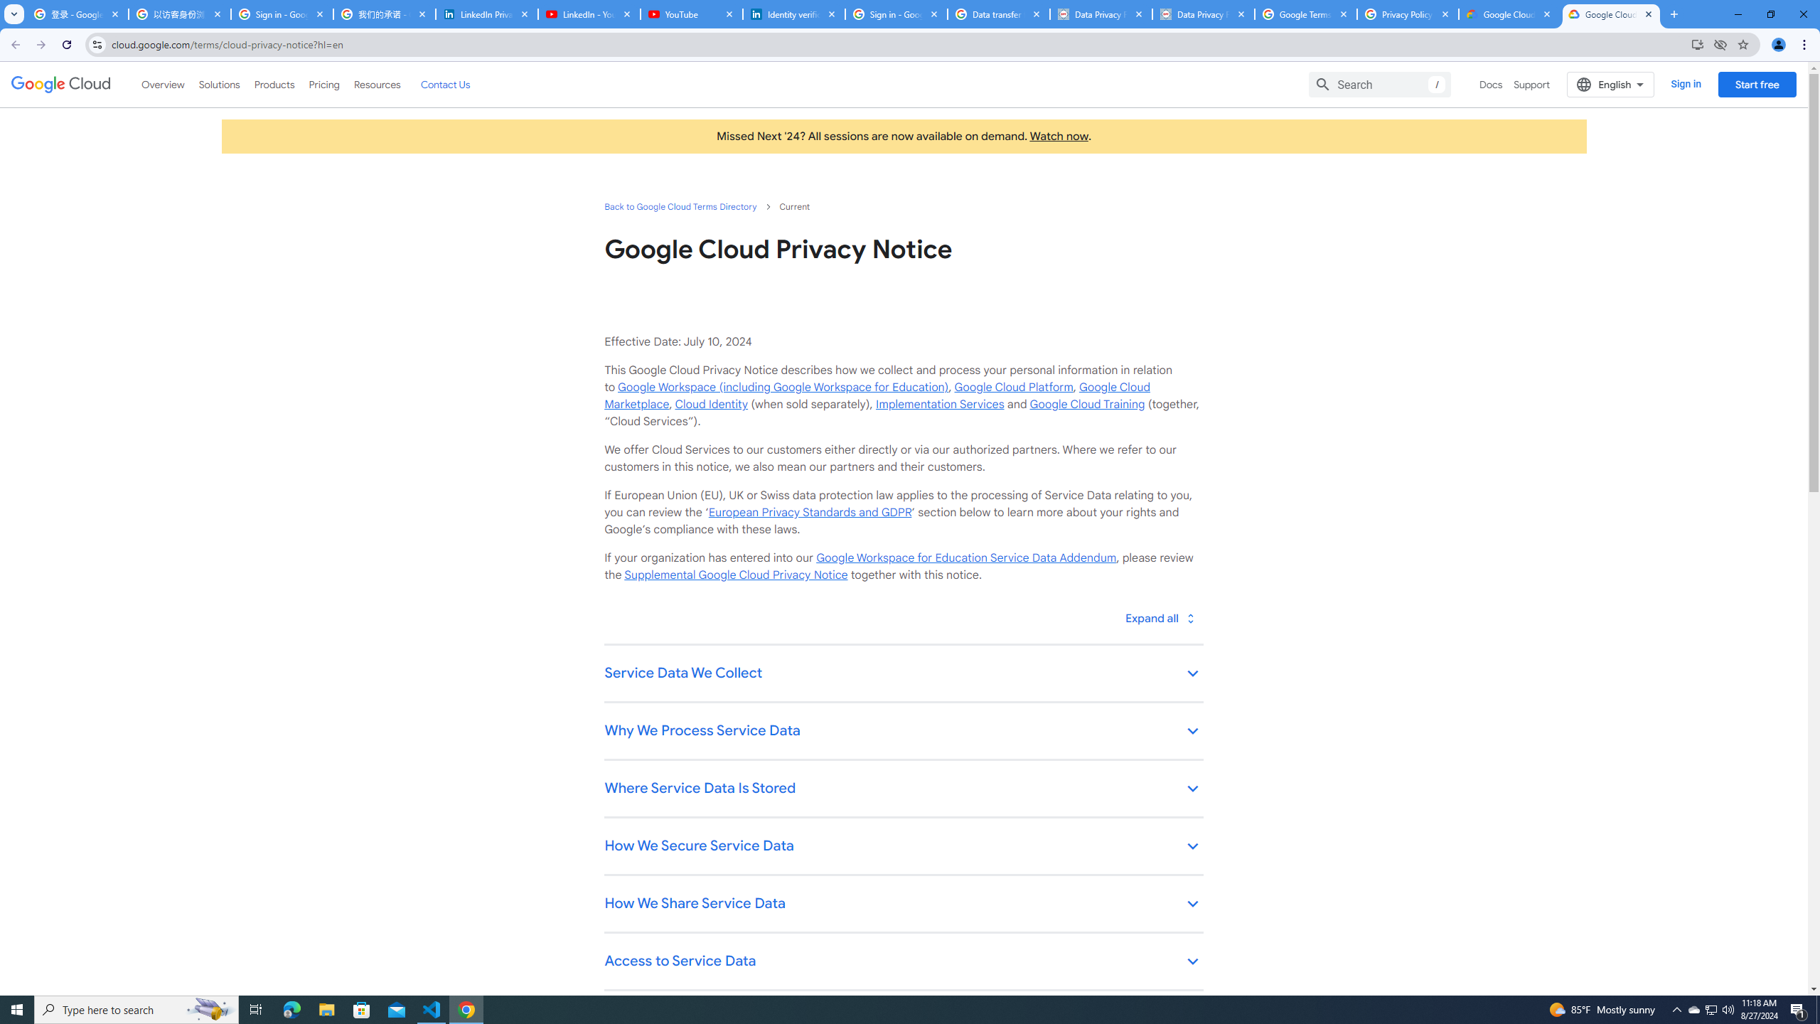 The height and width of the screenshot is (1024, 1820). What do you see at coordinates (1058, 136) in the screenshot?
I see `'Watch now'` at bounding box center [1058, 136].